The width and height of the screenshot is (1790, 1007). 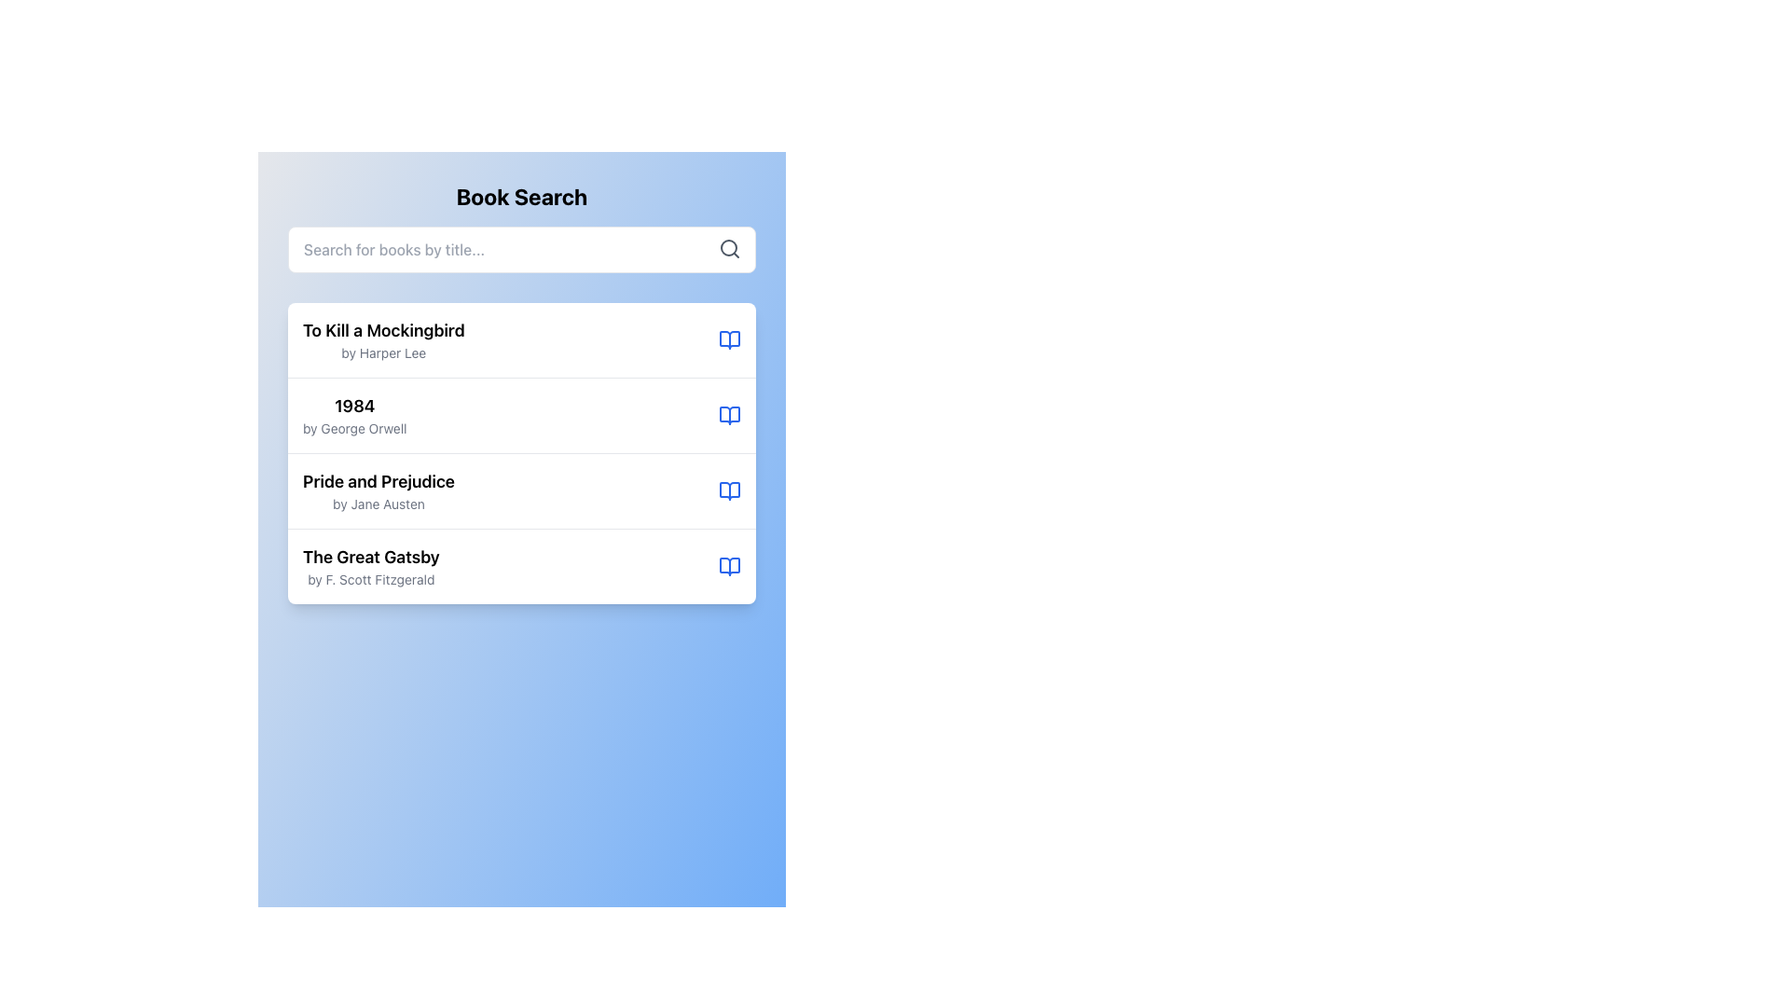 I want to click on the title text element representing the book title located in the fourth list item of the vertically arranged list, so click(x=371, y=556).